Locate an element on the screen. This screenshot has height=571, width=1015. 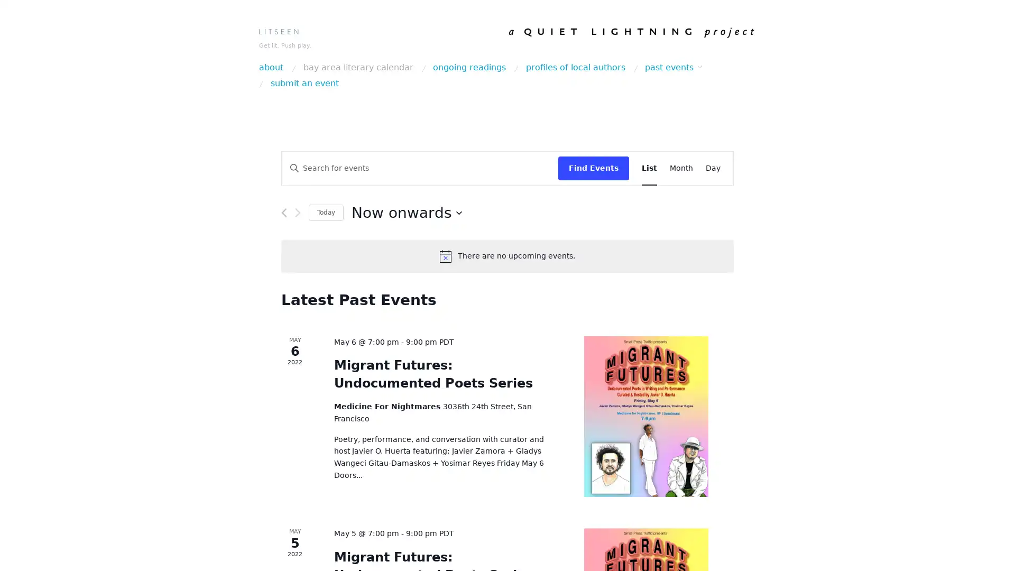
Click to toggle datepicker is located at coordinates (406, 212).